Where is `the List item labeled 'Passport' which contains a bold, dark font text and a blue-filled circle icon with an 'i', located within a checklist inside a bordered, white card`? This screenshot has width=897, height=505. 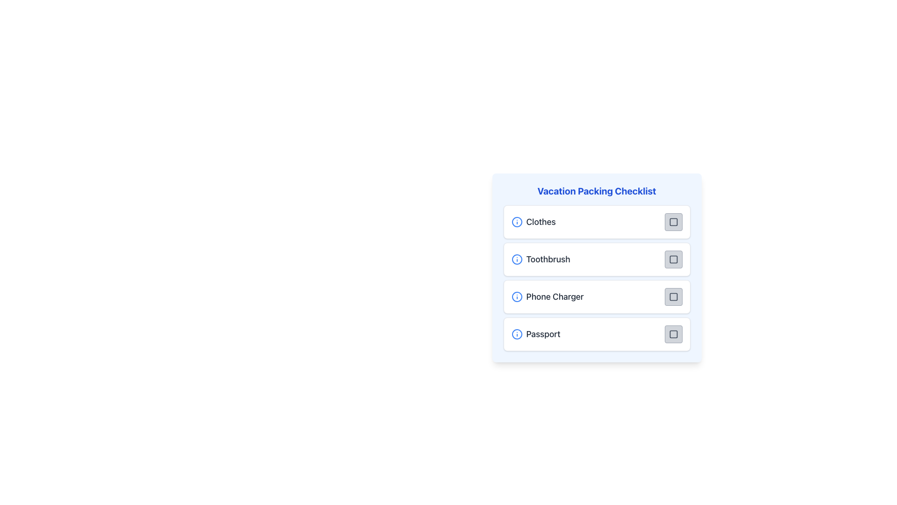
the List item labeled 'Passport' which contains a bold, dark font text and a blue-filled circle icon with an 'i', located within a checklist inside a bordered, white card is located at coordinates (536, 333).